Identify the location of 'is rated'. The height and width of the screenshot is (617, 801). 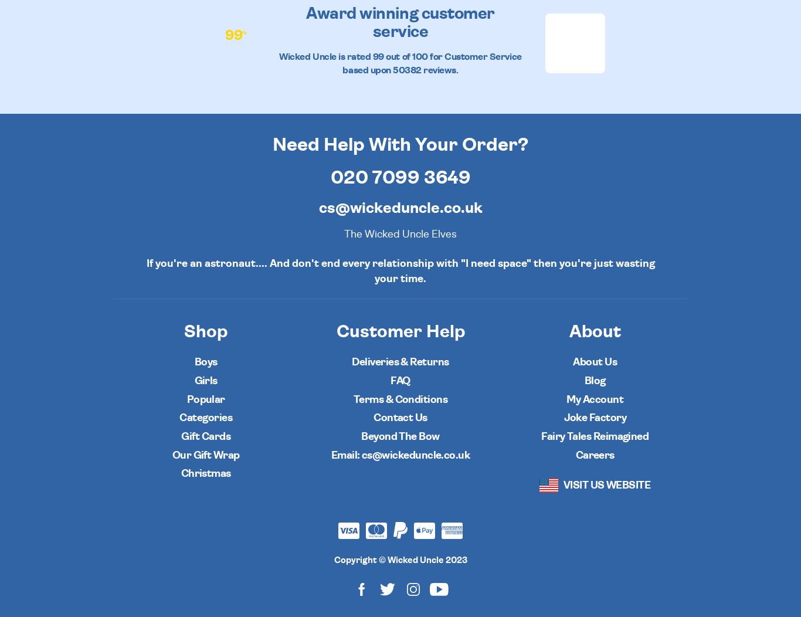
(354, 56).